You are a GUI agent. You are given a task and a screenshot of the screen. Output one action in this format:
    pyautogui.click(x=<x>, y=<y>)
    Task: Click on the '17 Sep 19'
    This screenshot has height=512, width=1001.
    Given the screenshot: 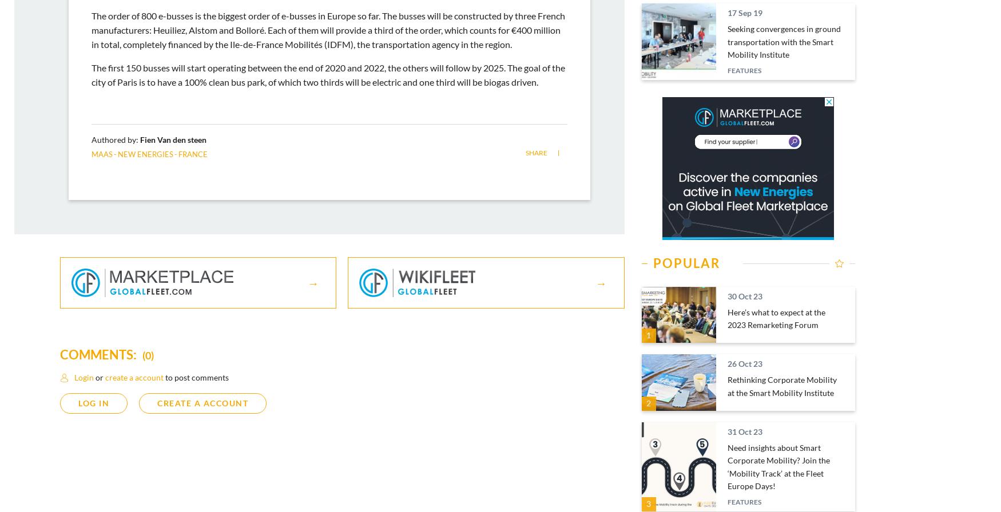 What is the action you would take?
    pyautogui.click(x=744, y=13)
    